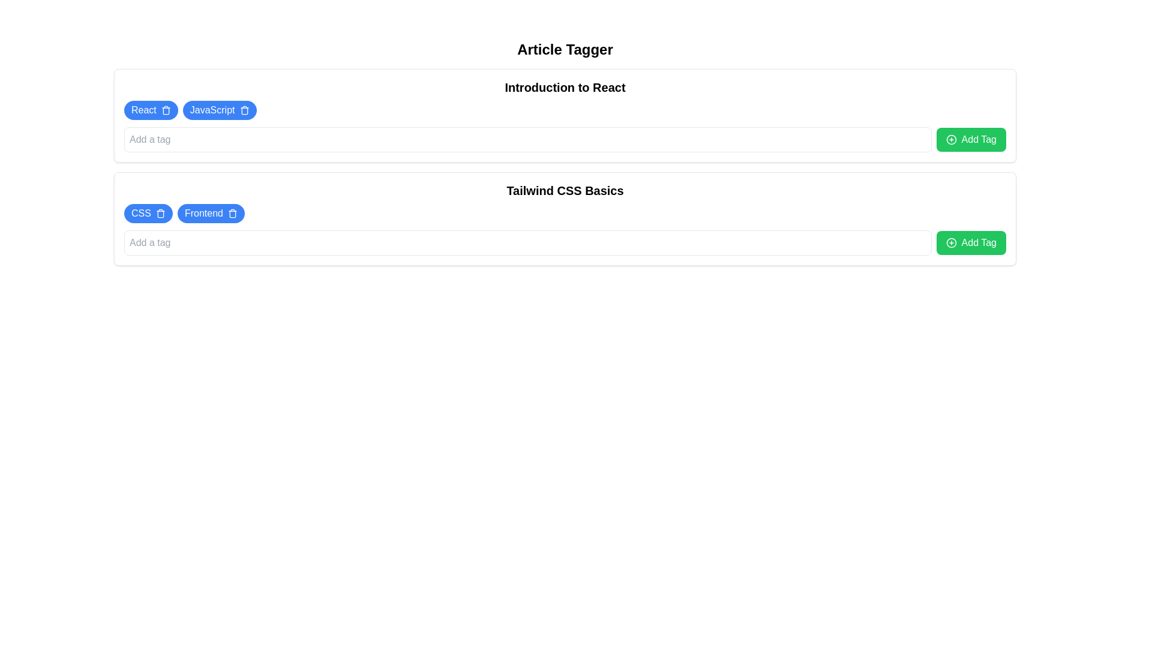  What do you see at coordinates (950, 139) in the screenshot?
I see `the circle-plus icon located within the green 'Add Tag' button, positioned to the left of the text, to indicate it can be clicked for addition` at bounding box center [950, 139].